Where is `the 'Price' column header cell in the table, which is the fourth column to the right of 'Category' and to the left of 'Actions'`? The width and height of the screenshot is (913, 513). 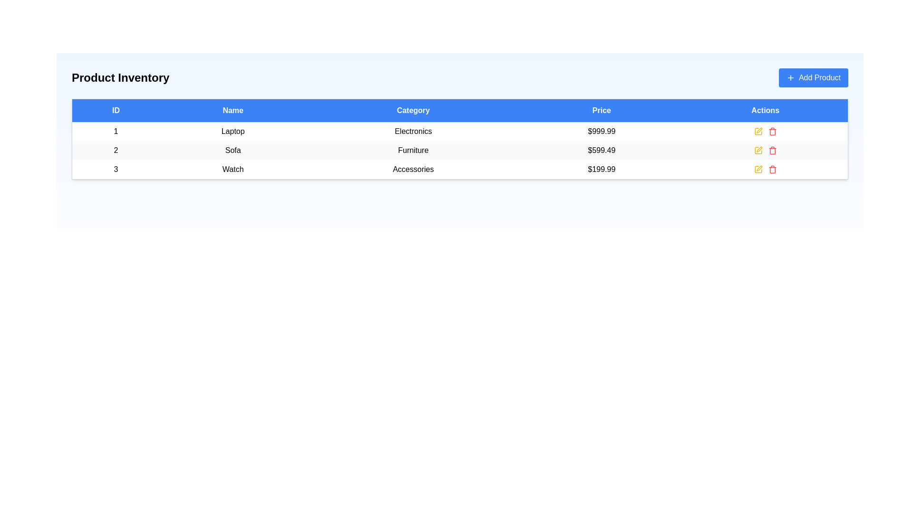 the 'Price' column header cell in the table, which is the fourth column to the right of 'Category' and to the left of 'Actions' is located at coordinates (601, 110).